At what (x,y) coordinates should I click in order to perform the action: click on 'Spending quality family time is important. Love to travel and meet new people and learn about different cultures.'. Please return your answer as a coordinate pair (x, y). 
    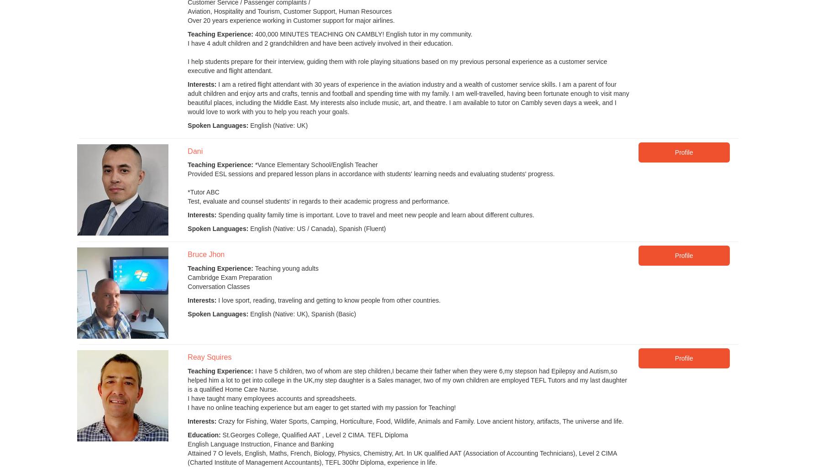
    Looking at the image, I should click on (215, 214).